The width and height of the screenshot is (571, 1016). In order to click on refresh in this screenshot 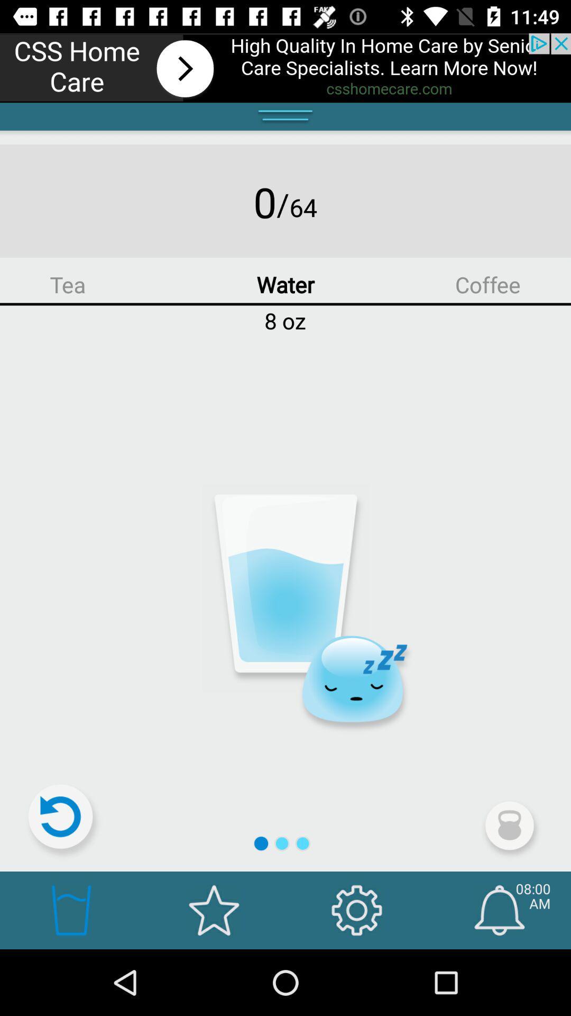, I will do `click(65, 821)`.